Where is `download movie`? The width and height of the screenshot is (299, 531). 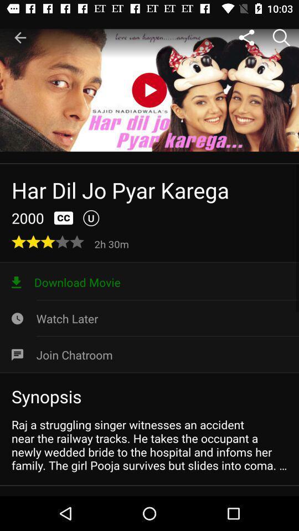
download movie is located at coordinates (149, 282).